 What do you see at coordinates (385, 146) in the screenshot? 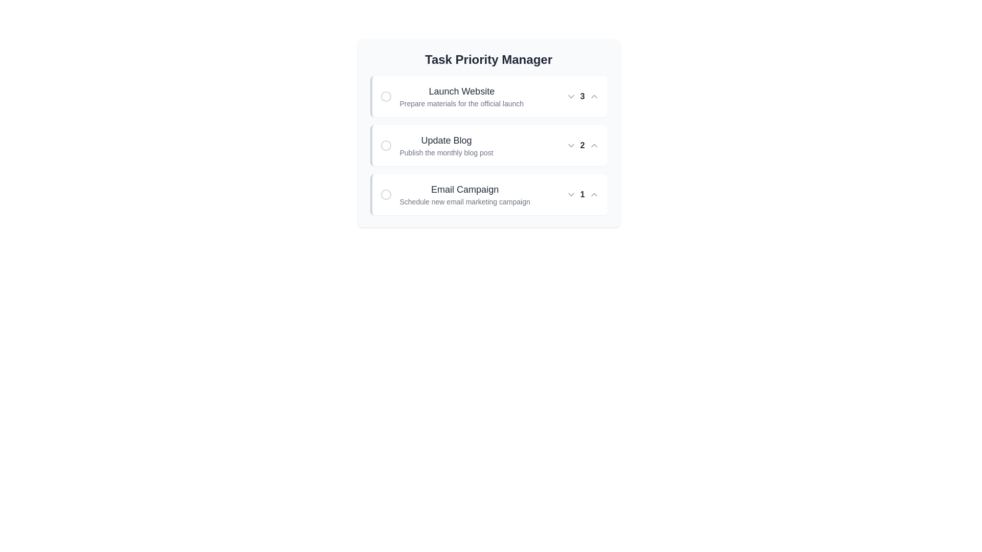
I see `keyboard navigation` at bounding box center [385, 146].